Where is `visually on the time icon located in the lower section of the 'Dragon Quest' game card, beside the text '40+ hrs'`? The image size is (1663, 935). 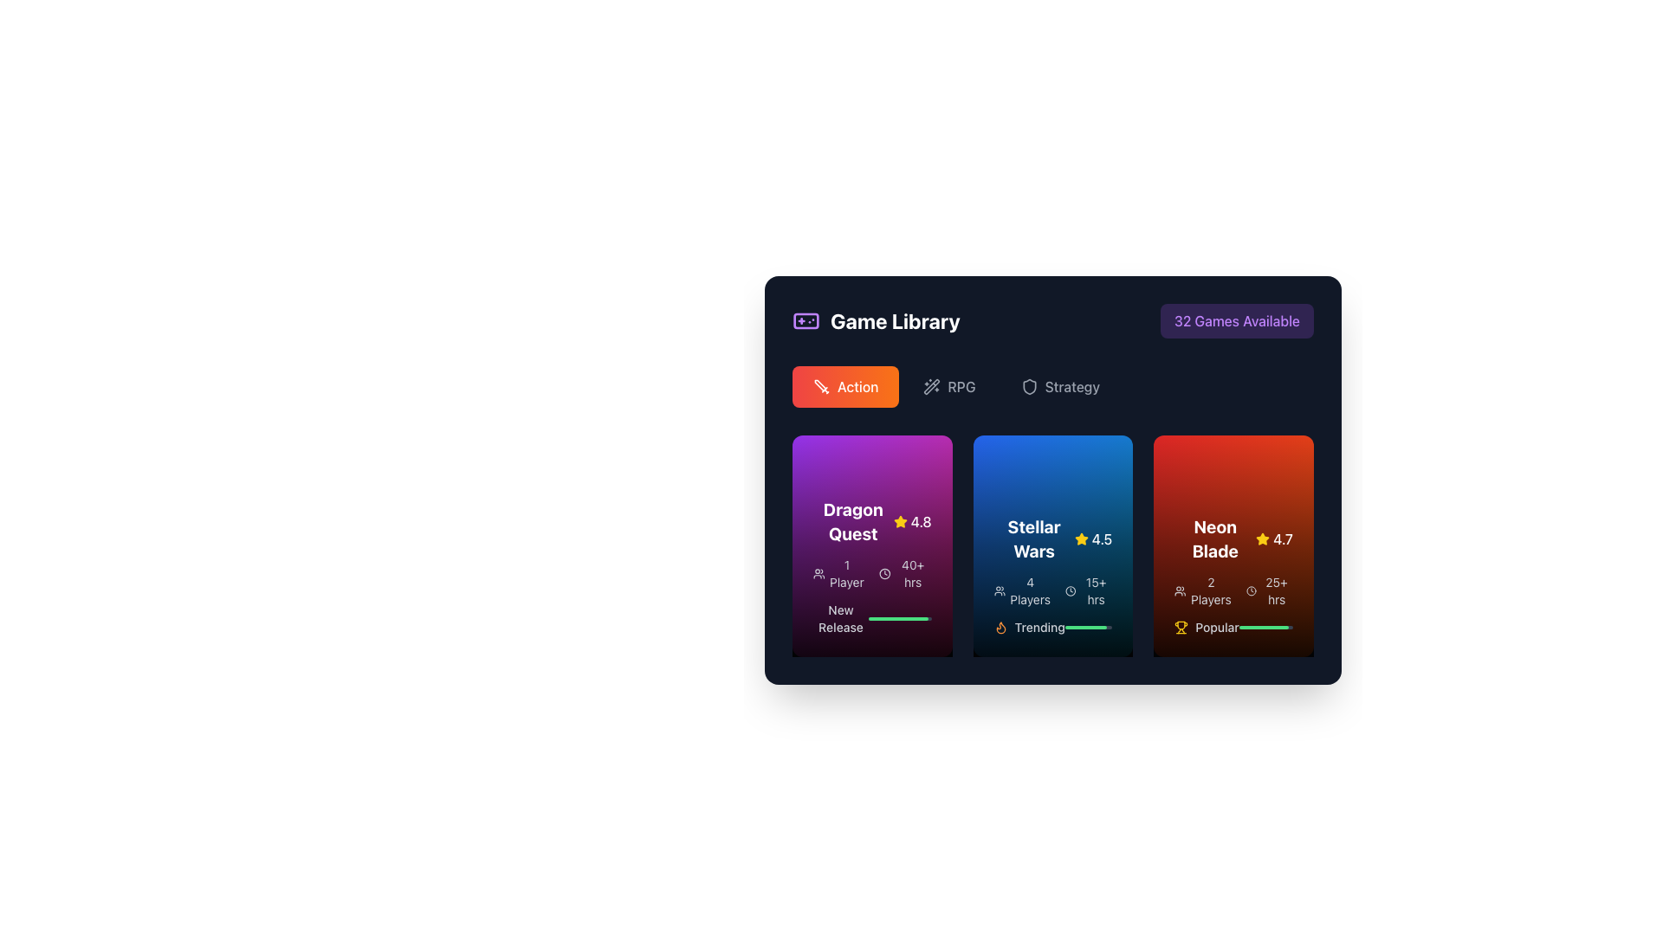 visually on the time icon located in the lower section of the 'Dragon Quest' game card, beside the text '40+ hrs' is located at coordinates (885, 574).